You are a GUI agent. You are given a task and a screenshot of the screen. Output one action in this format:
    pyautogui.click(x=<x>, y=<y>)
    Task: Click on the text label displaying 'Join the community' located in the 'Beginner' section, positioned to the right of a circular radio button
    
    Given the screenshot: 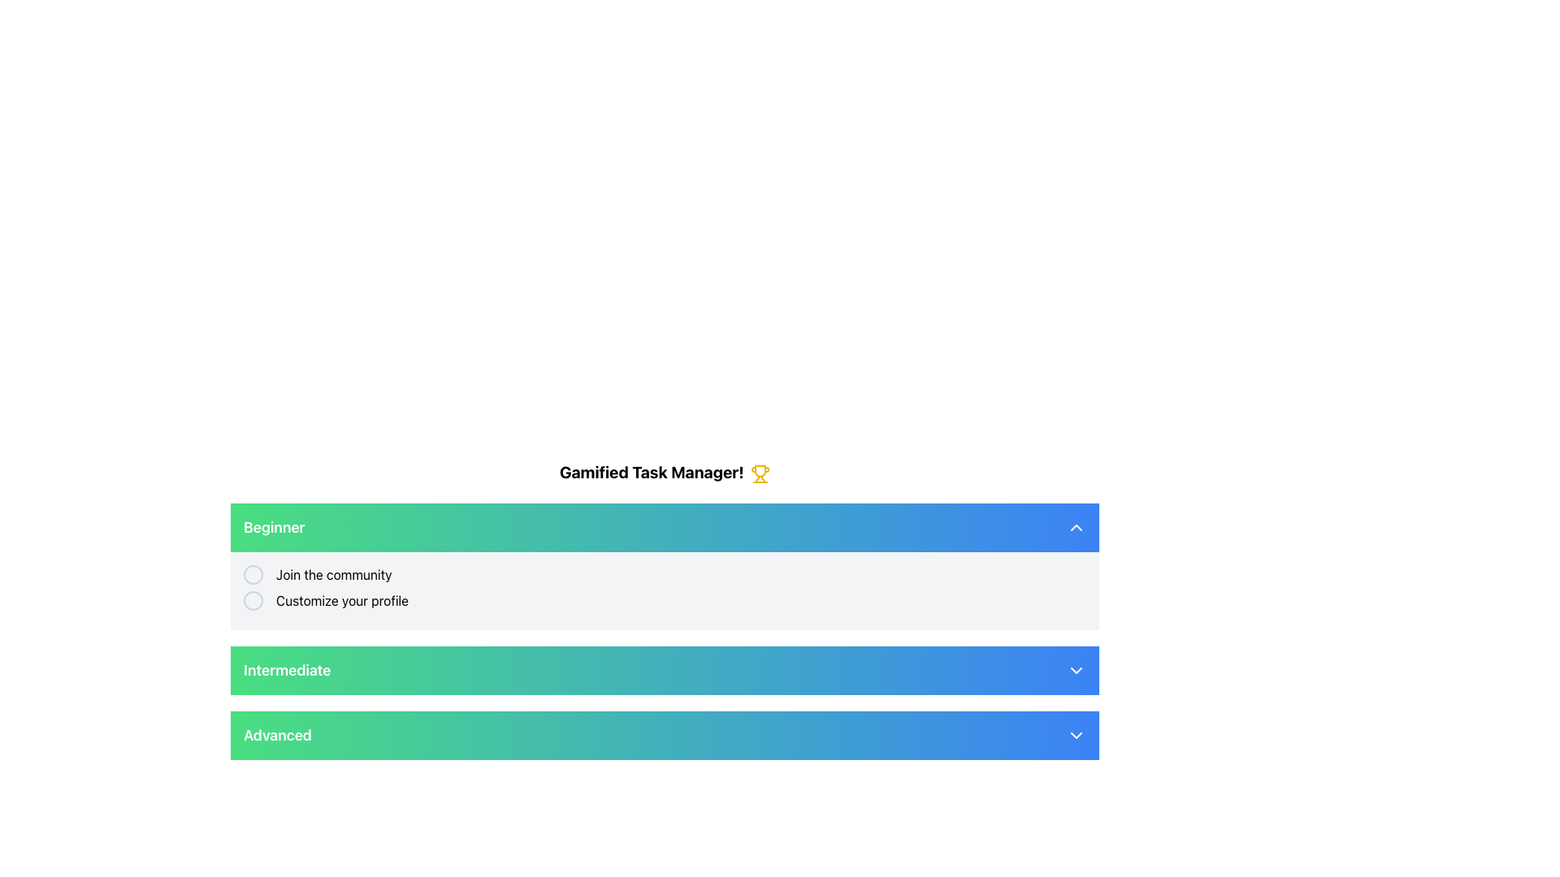 What is the action you would take?
    pyautogui.click(x=333, y=574)
    